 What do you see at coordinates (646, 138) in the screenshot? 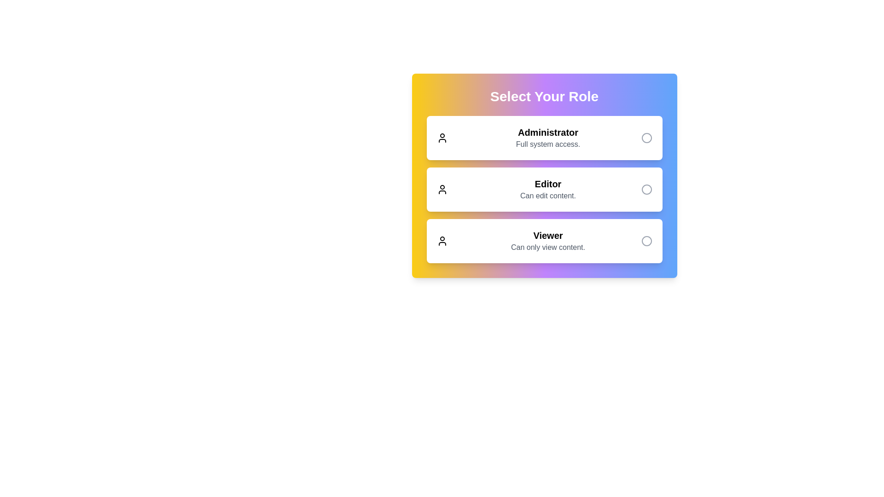
I see `the 'Administrator' radio button located at the rightmost section of the 'Administrator' card, adjacent to the text 'Administrator Full system access'` at bounding box center [646, 138].